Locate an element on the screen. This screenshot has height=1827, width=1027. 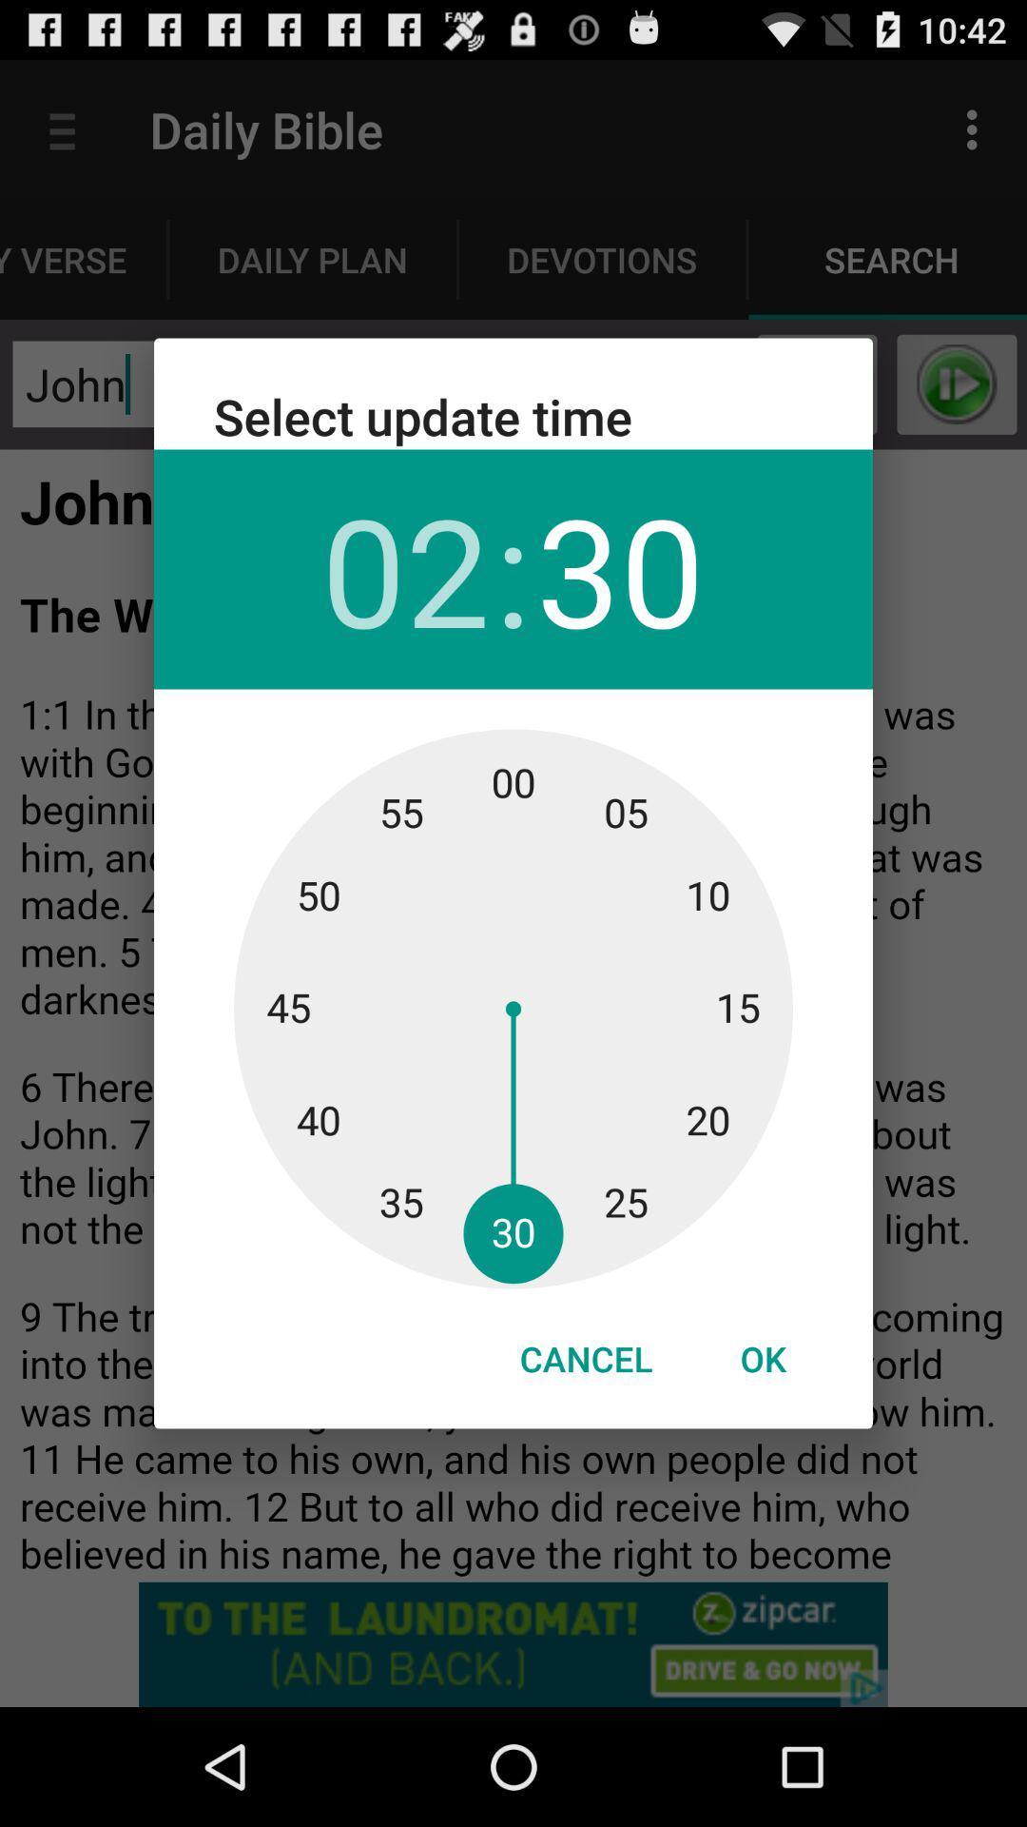
the 30 item is located at coordinates (620, 568).